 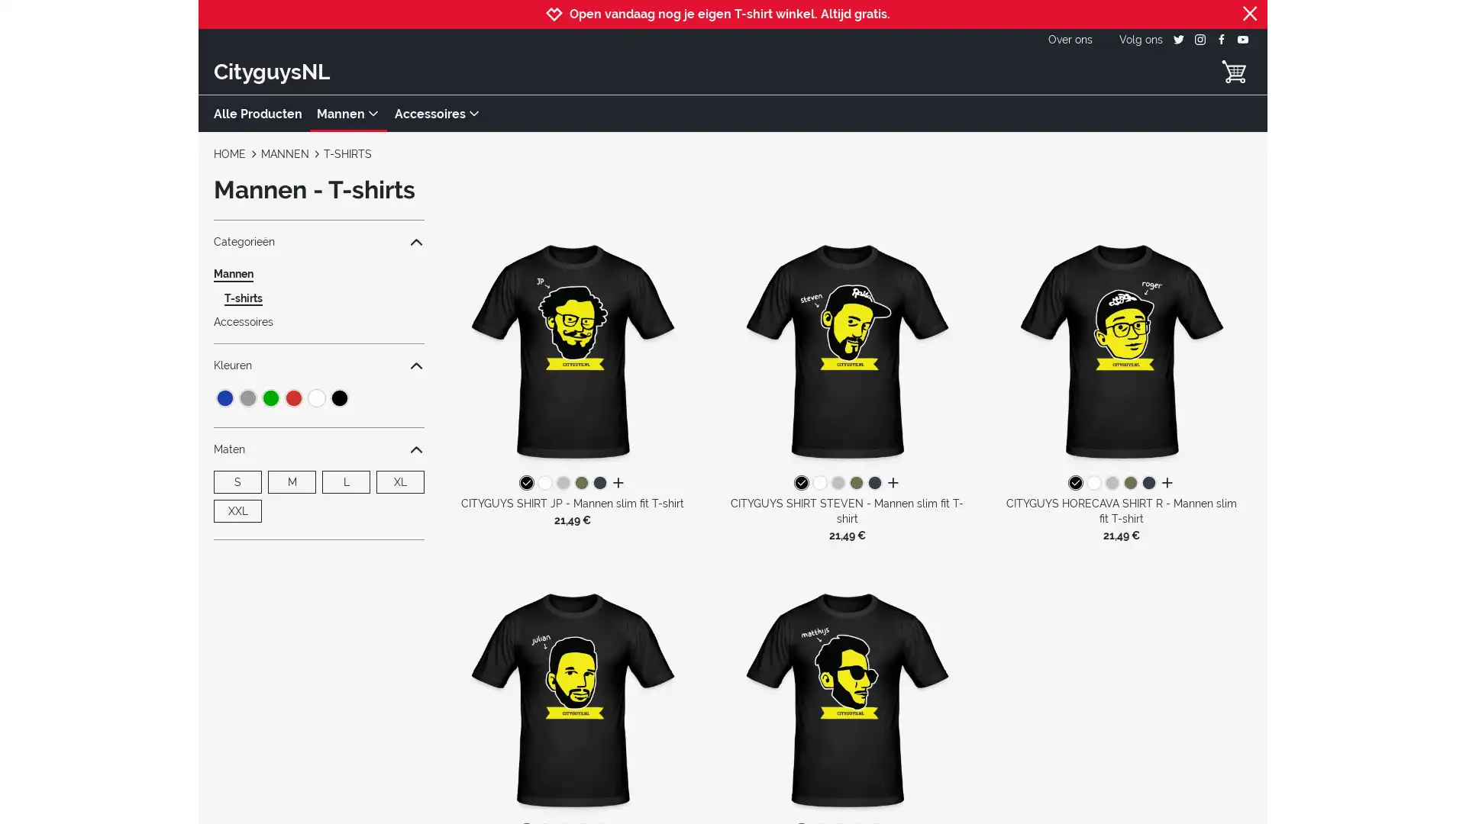 I want to click on Instellingen, so click(x=1092, y=694).